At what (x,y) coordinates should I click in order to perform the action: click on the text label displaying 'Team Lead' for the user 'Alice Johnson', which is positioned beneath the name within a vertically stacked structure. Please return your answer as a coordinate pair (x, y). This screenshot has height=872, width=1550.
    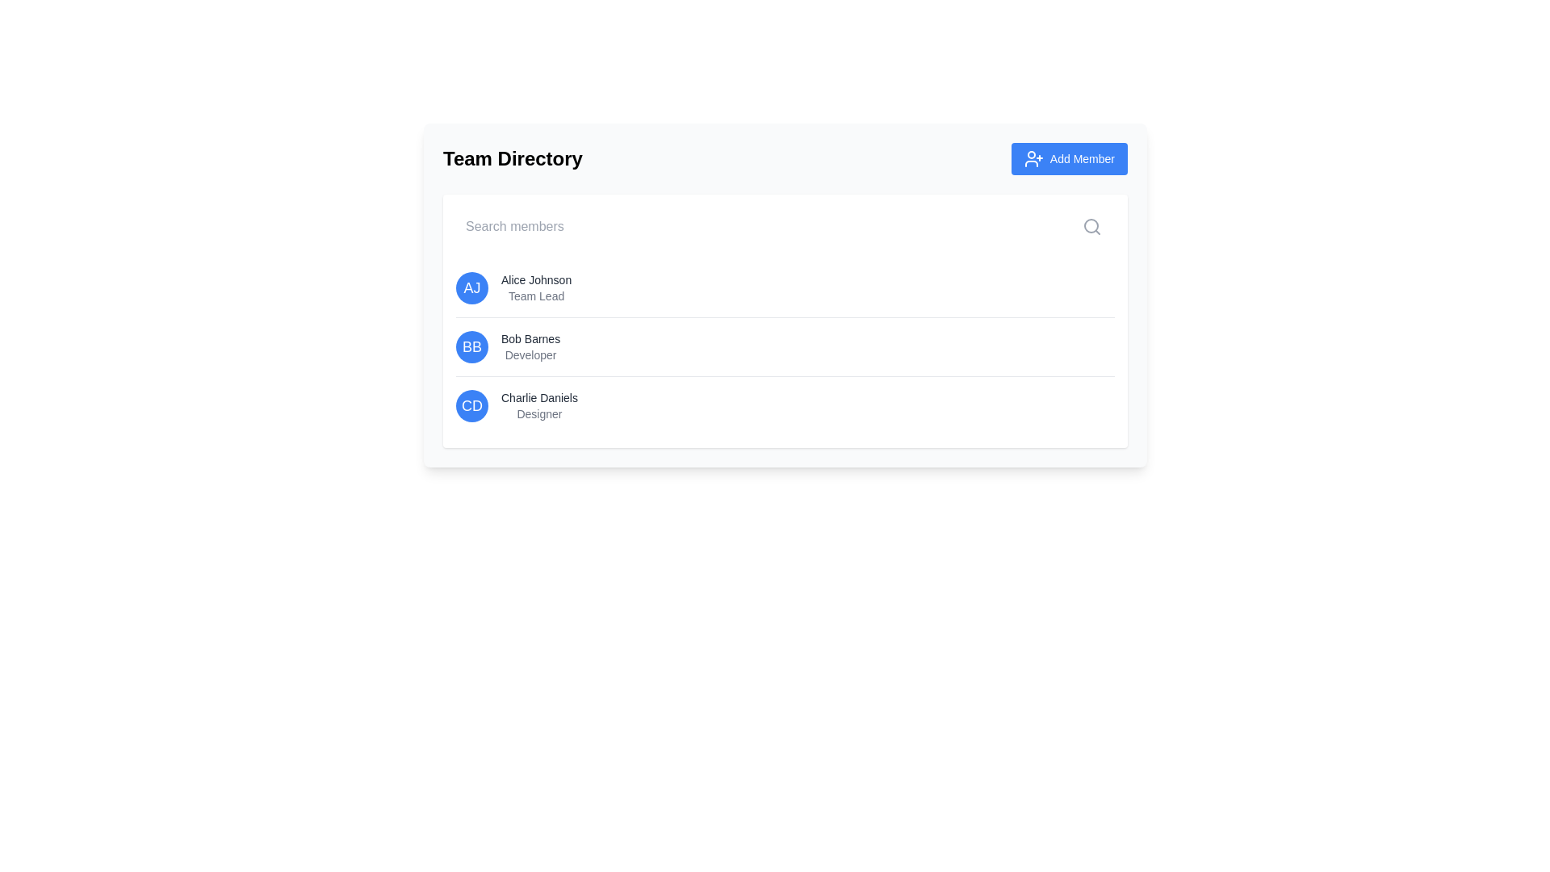
    Looking at the image, I should click on (536, 296).